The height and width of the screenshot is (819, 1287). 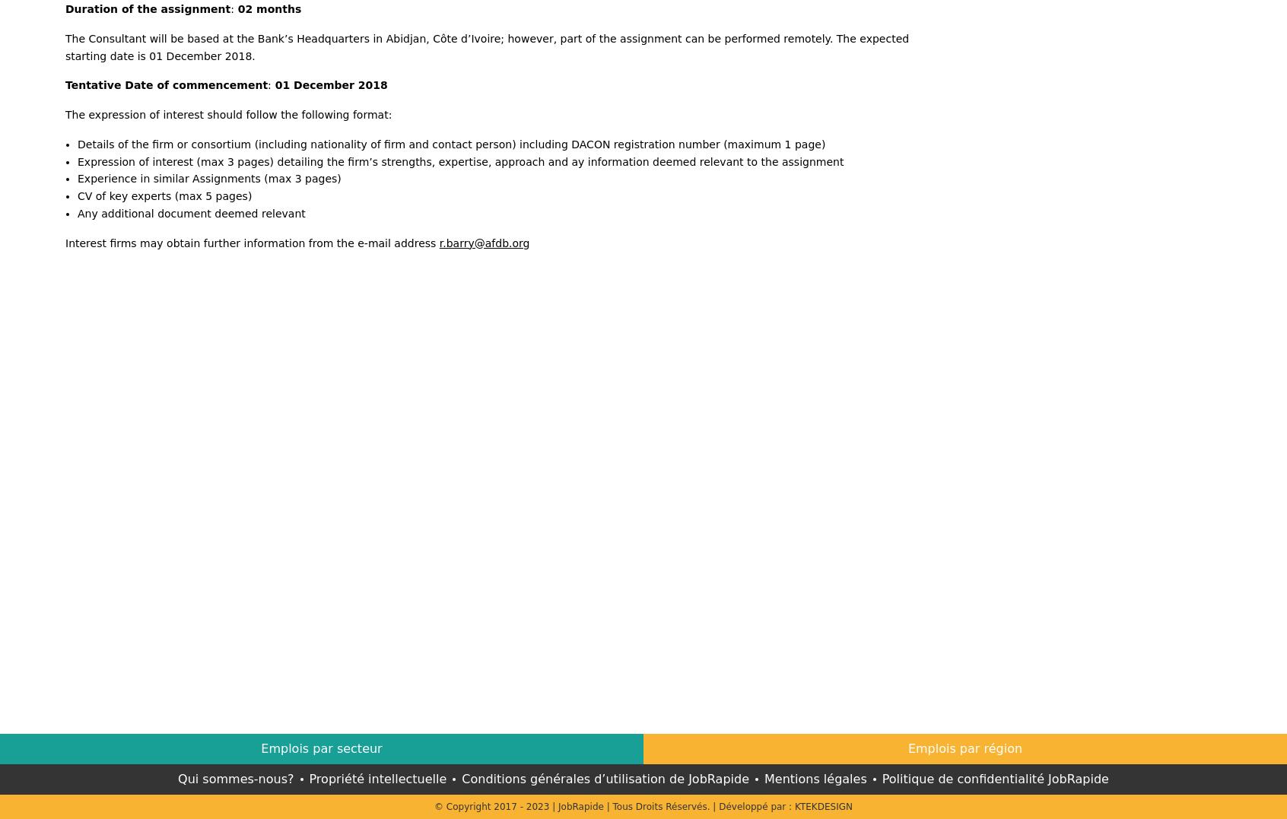 I want to click on 'KTEKDESIGN', so click(x=823, y=805).